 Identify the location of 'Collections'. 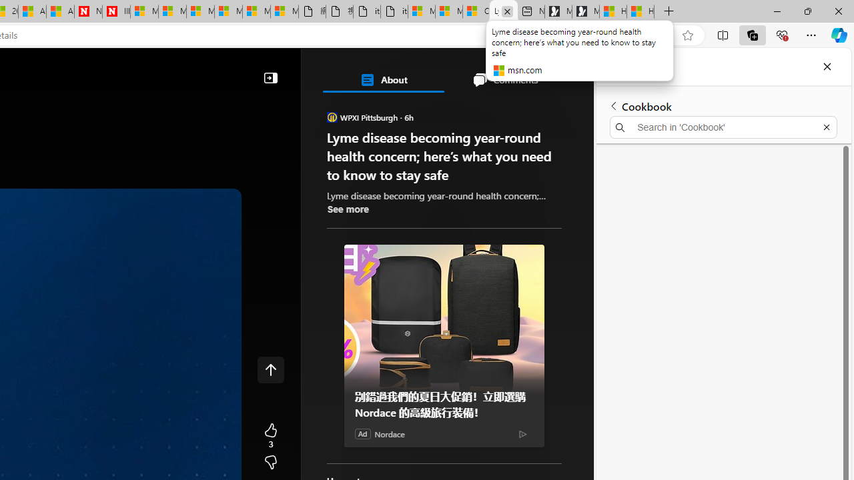
(753, 34).